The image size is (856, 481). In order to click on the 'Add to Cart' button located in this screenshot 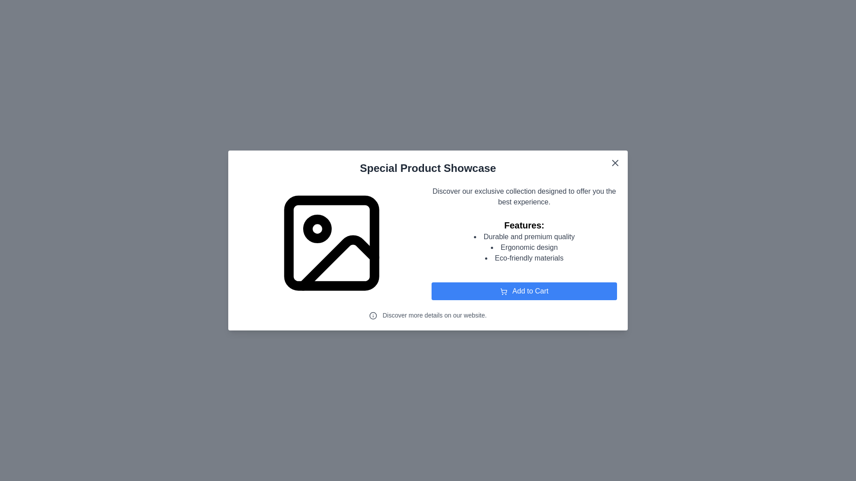, I will do `click(524, 290)`.